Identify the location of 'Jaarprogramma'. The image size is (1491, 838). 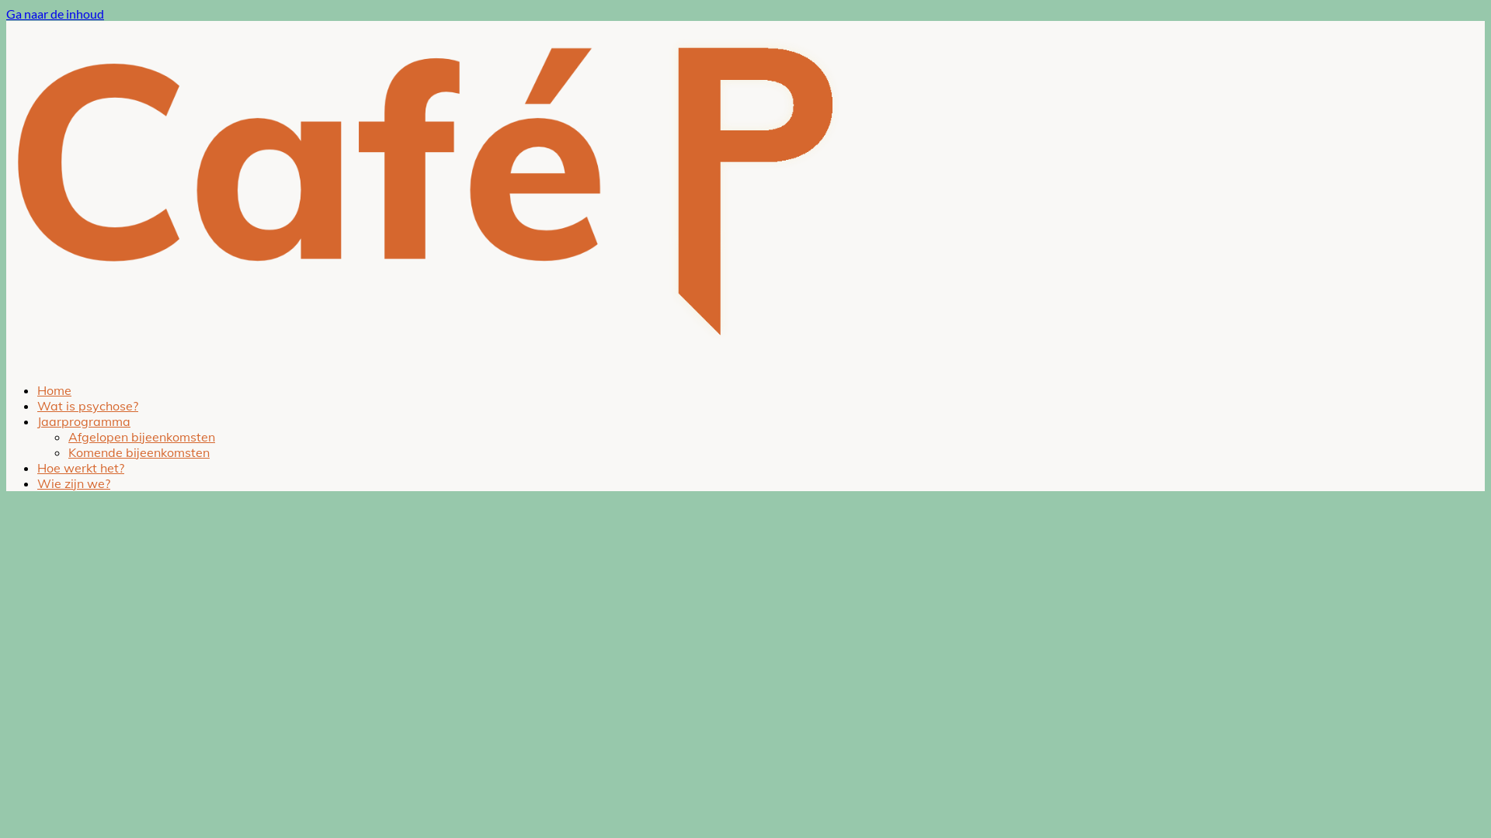
(37, 421).